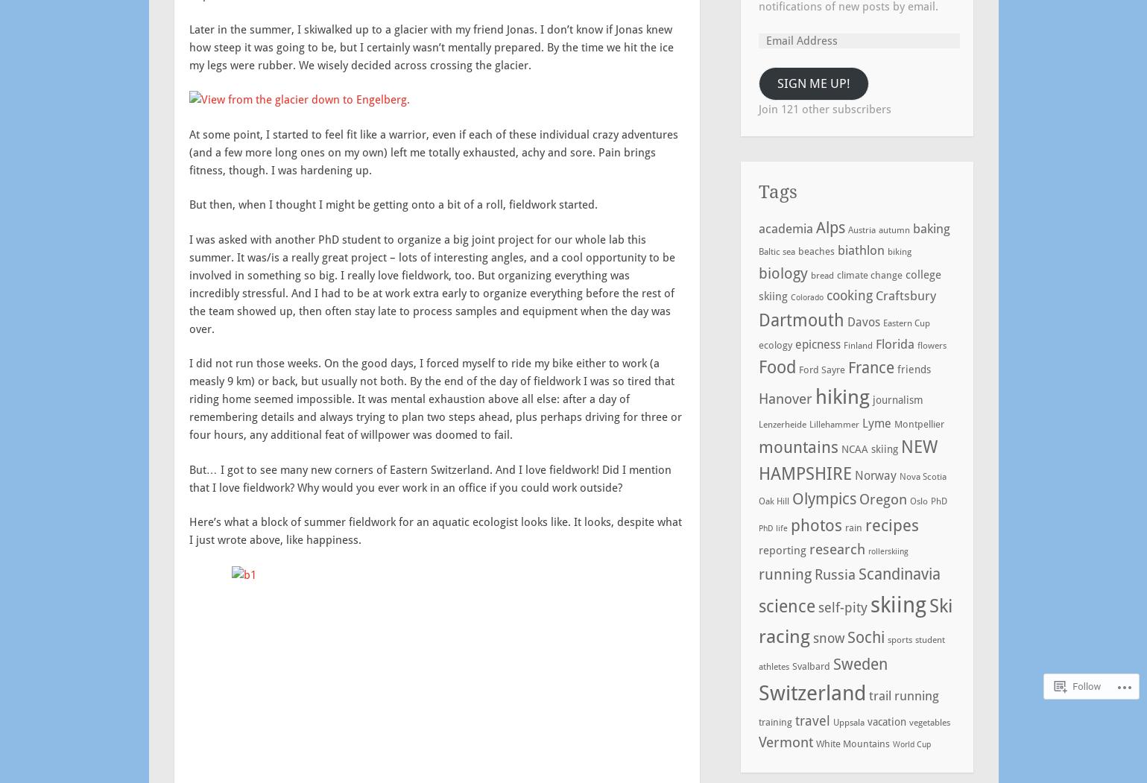 Image resolution: width=1147 pixels, height=783 pixels. What do you see at coordinates (431, 45) in the screenshot?
I see `'Later in the summer, I skiwalked up to a glacier with my friend Jonas. I don’t know if Jonas knew how steep it was going to be, but I certainly wasn’t mentally prepared. By the time we hit the ice my legs were rubber. We wisely decided across crossing the glacier.'` at bounding box center [431, 45].